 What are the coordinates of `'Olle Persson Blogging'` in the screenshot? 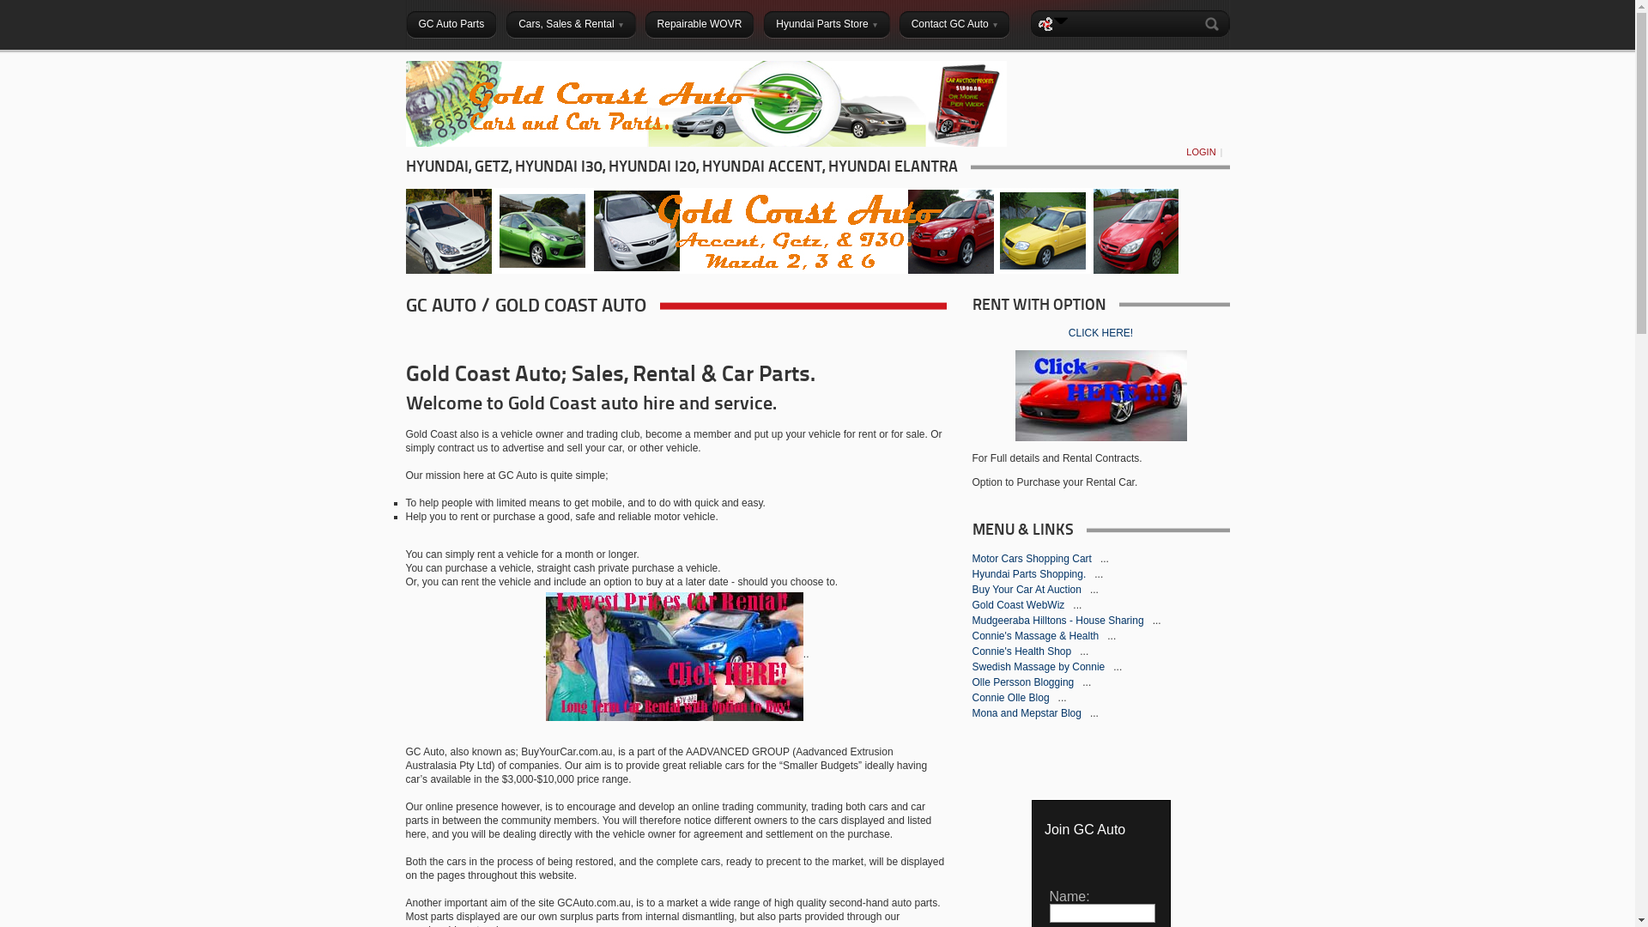 It's located at (1024, 681).